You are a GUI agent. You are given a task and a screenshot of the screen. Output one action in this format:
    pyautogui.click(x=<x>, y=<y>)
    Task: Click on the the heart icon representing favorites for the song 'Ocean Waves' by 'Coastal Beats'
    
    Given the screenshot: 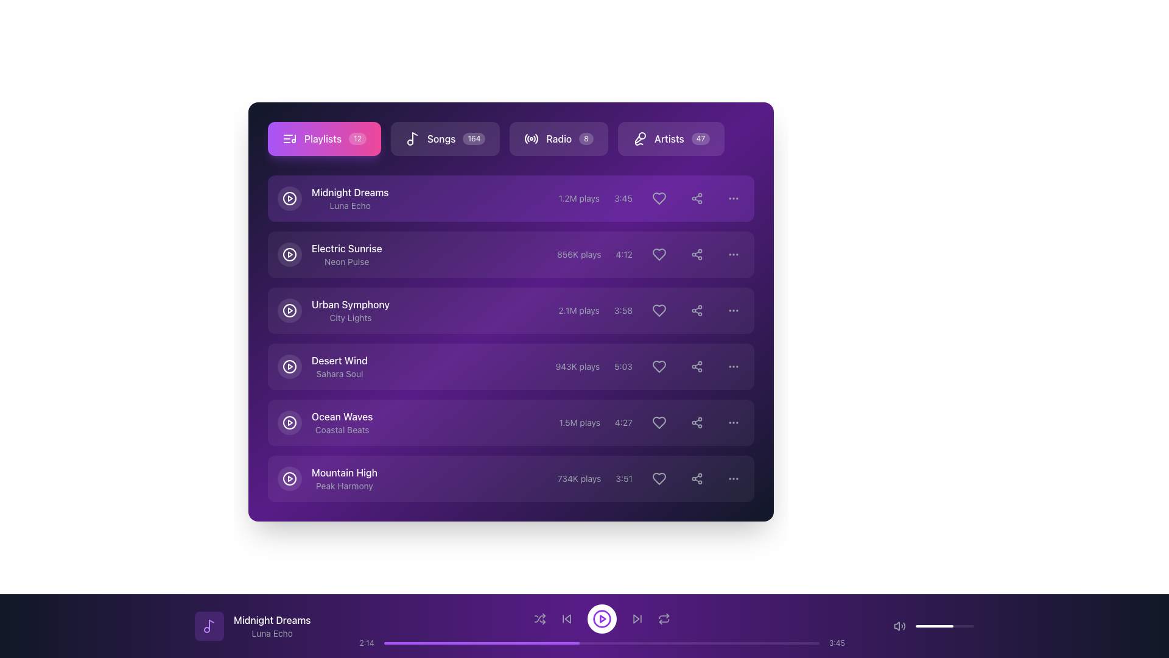 What is the action you would take?
    pyautogui.click(x=659, y=422)
    